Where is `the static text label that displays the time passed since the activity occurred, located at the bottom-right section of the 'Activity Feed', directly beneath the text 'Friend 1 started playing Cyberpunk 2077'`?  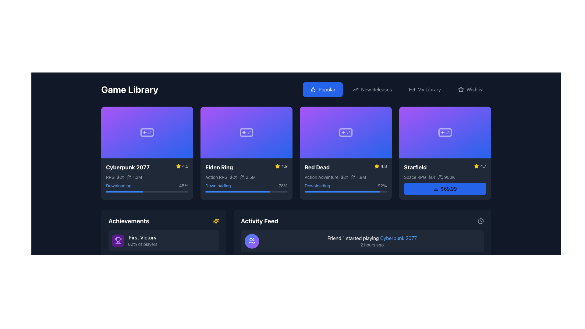 the static text label that displays the time passed since the activity occurred, located at the bottom-right section of the 'Activity Feed', directly beneath the text 'Friend 1 started playing Cyberpunk 2077' is located at coordinates (372, 244).